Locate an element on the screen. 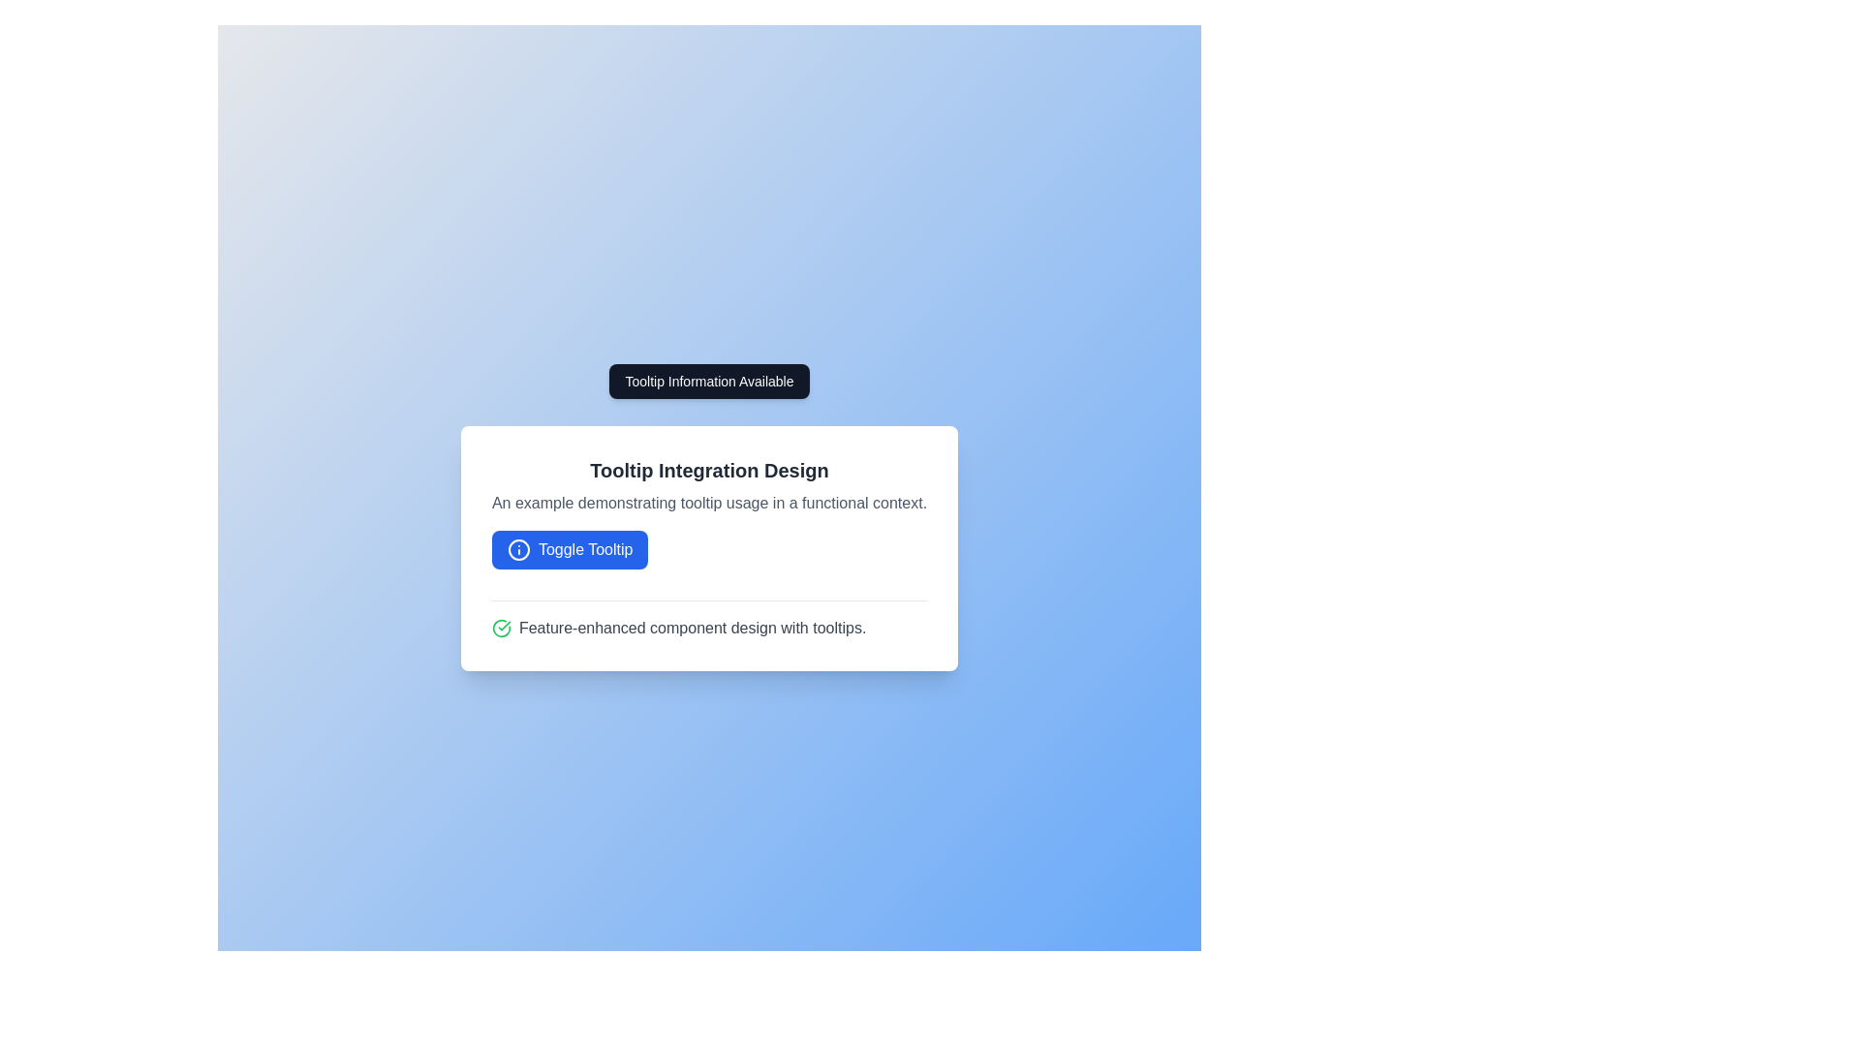  text displayed in the Tooltip that appears above the 'Toggle Tooltip' button when hovered over is located at coordinates (708, 381).